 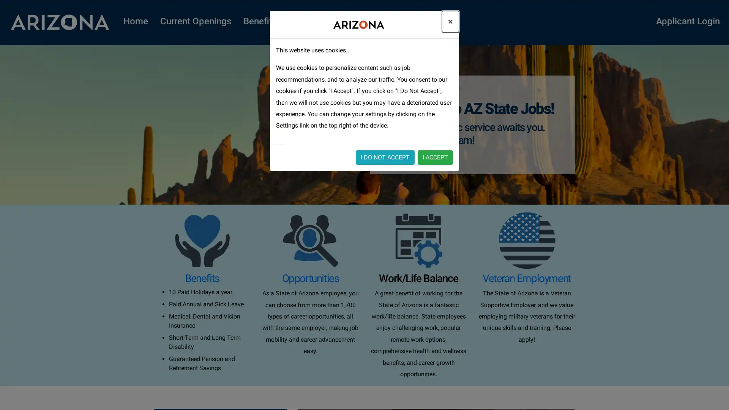 I want to click on Close, so click(x=450, y=21).